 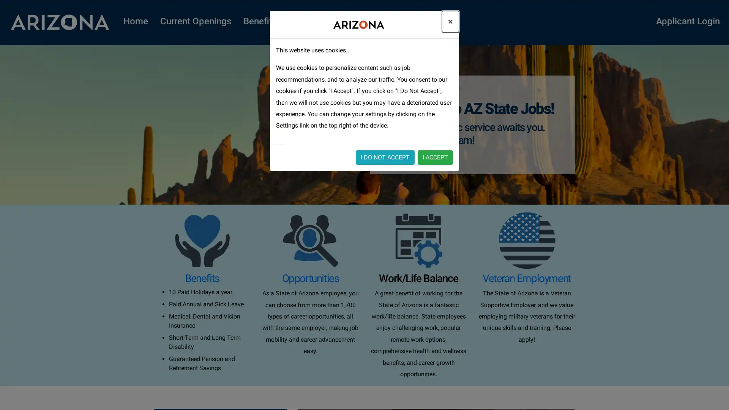 I want to click on Close, so click(x=450, y=21).